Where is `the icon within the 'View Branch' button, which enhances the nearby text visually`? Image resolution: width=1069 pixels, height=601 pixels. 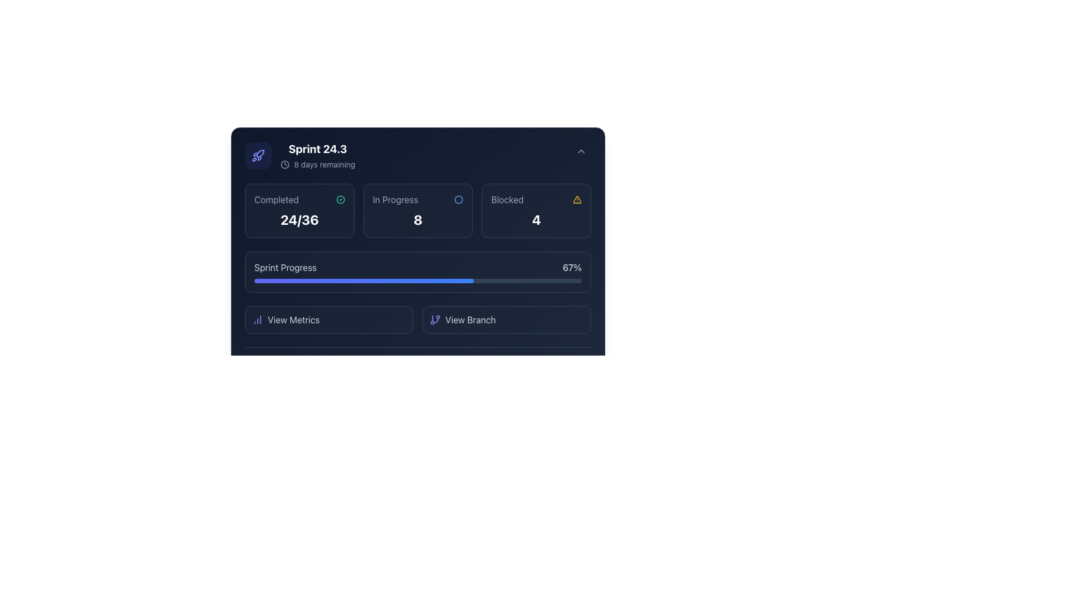
the icon within the 'View Branch' button, which enhances the nearby text visually is located at coordinates (435, 319).